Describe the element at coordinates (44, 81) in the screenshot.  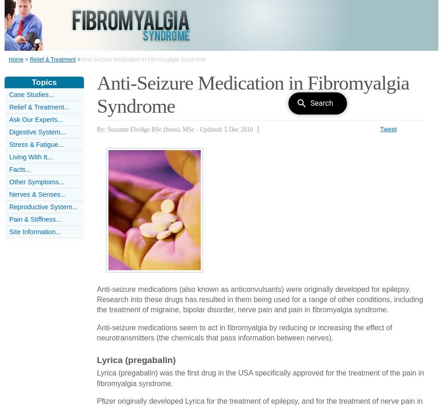
I see `'Topics'` at that location.